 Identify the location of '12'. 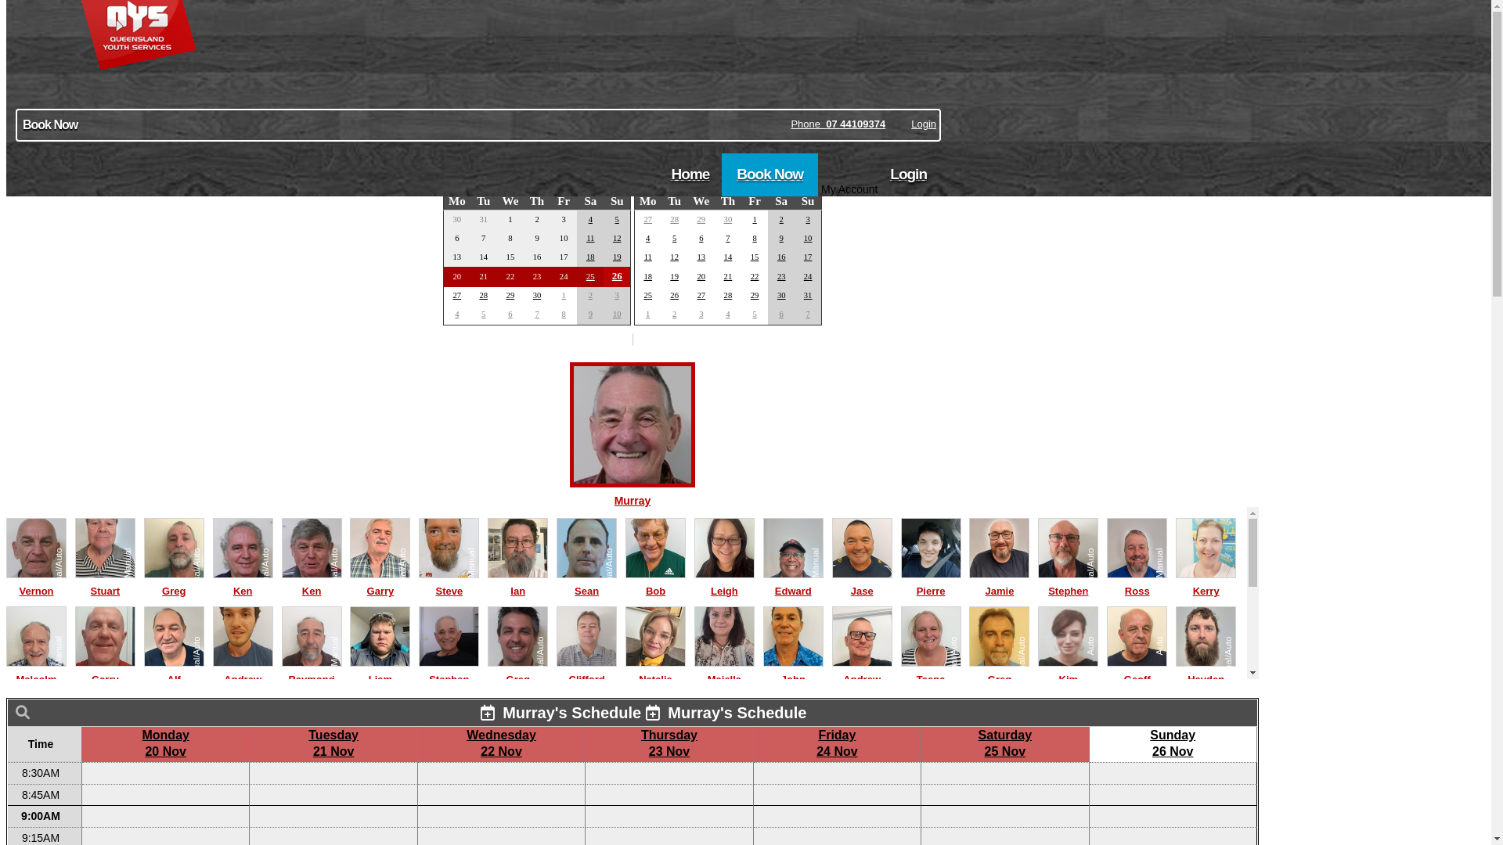
(674, 256).